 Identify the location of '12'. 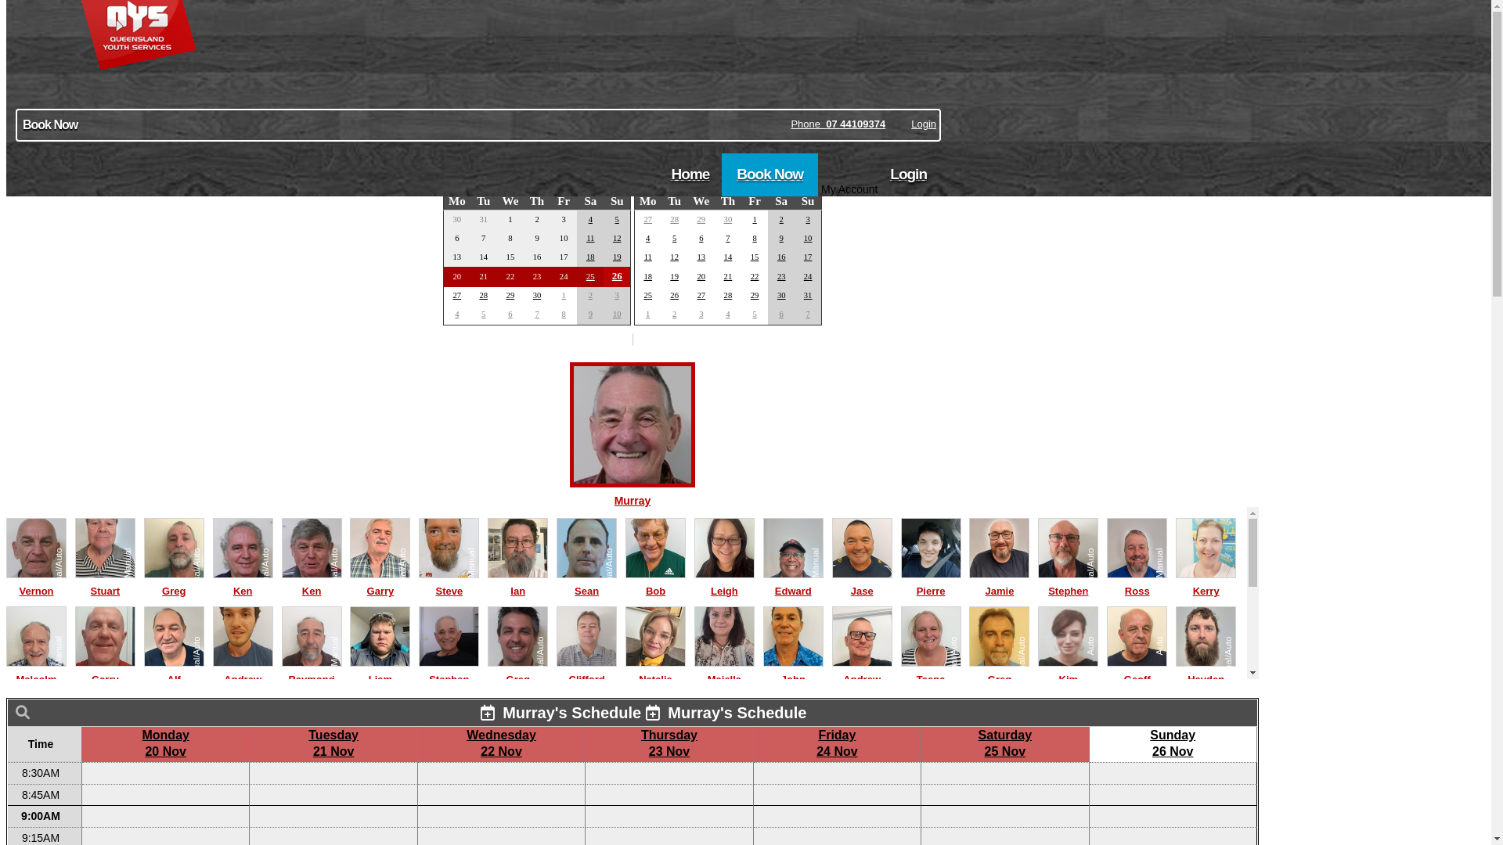
(674, 256).